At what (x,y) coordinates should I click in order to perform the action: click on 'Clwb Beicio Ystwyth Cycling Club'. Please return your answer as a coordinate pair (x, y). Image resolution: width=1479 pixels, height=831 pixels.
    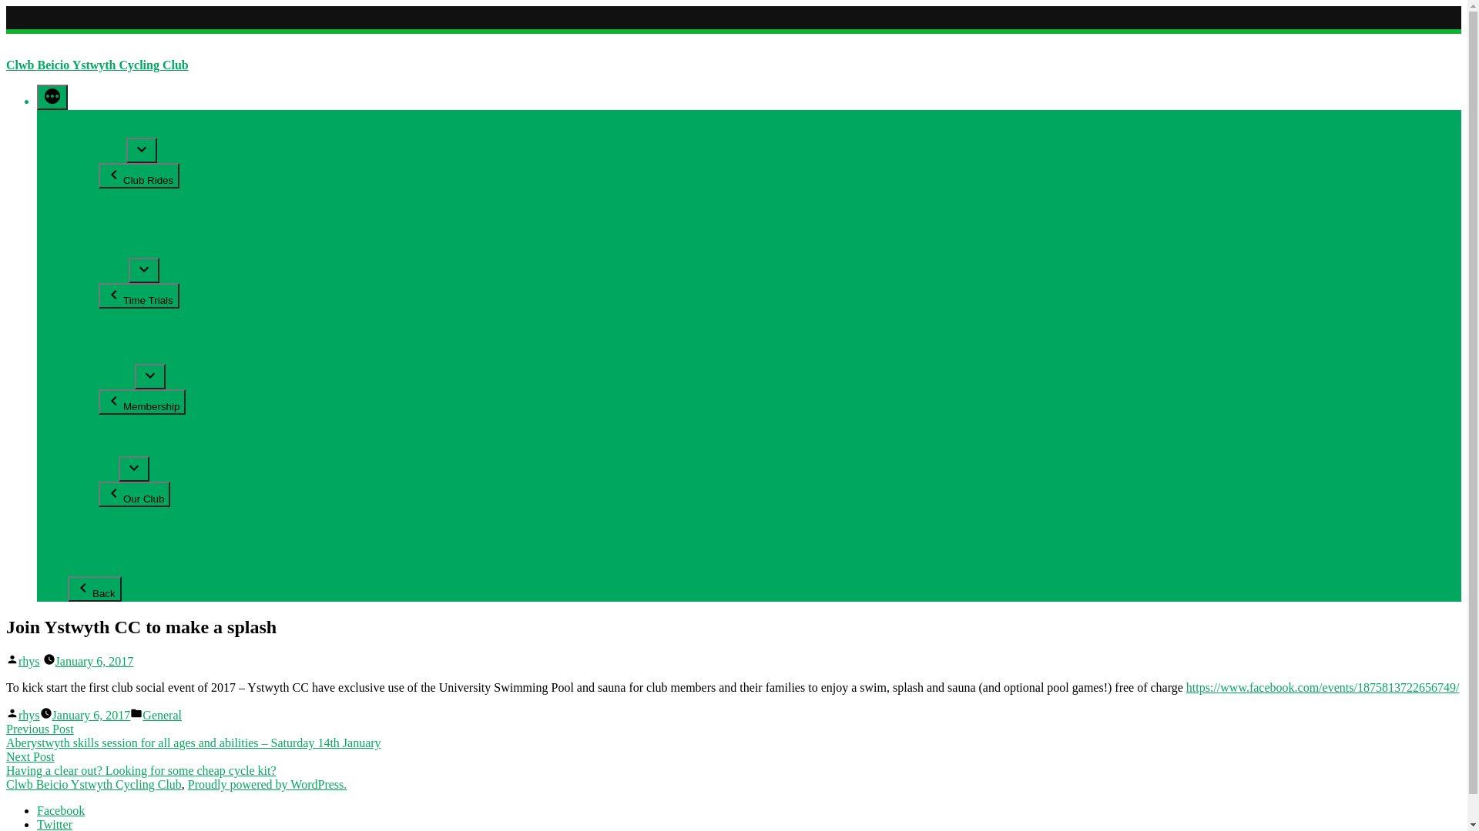
    Looking at the image, I should click on (96, 64).